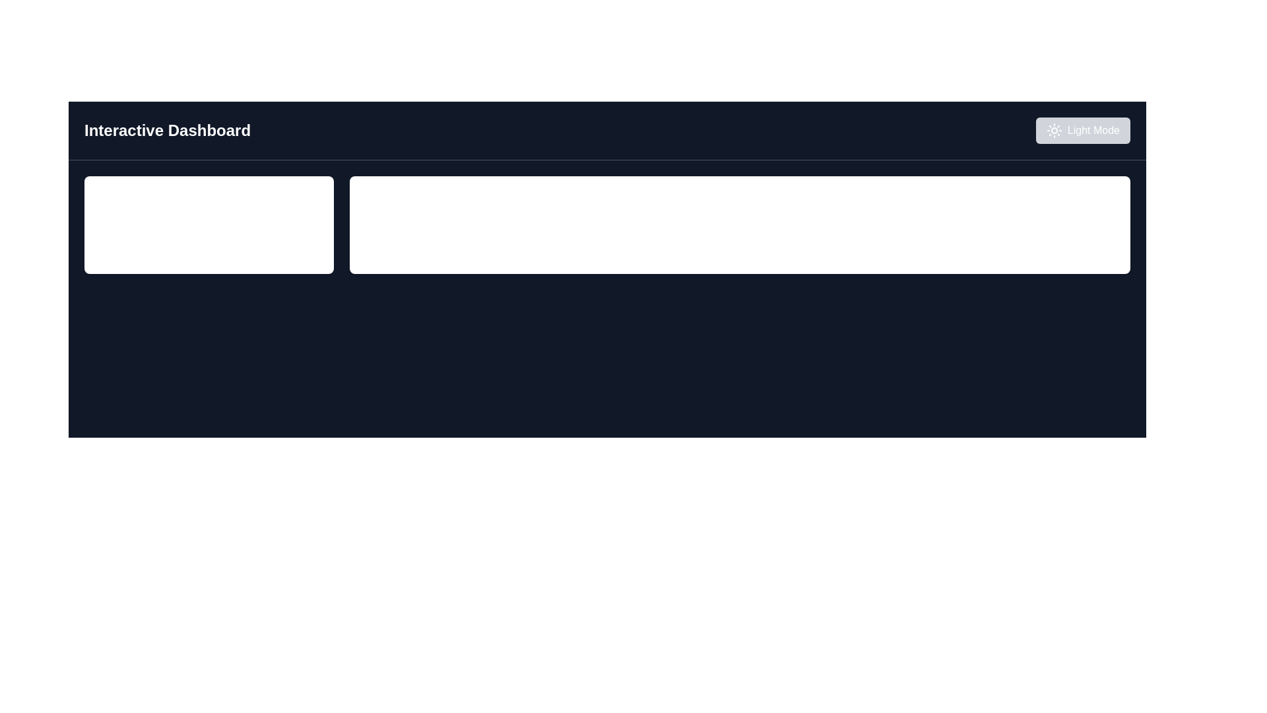 This screenshot has height=713, width=1267. Describe the element at coordinates (1083, 130) in the screenshot. I see `the grey rectangular button with rounded corners labeled 'Light Mode' that contains a sun icon, located in the top-right section of the header bar` at that location.